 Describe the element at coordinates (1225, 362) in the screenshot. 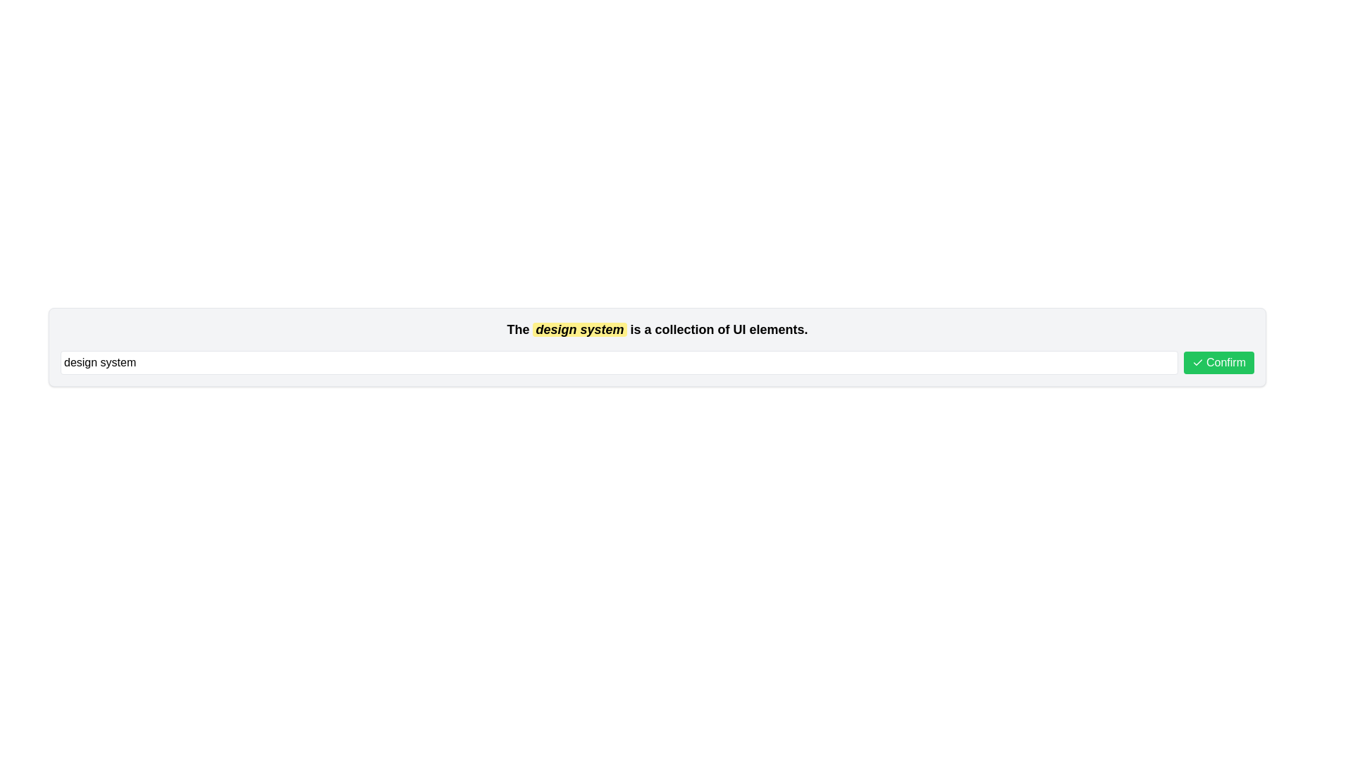

I see `the confirmation button label text located at the center of the green button on the right end of the toolbar` at that location.